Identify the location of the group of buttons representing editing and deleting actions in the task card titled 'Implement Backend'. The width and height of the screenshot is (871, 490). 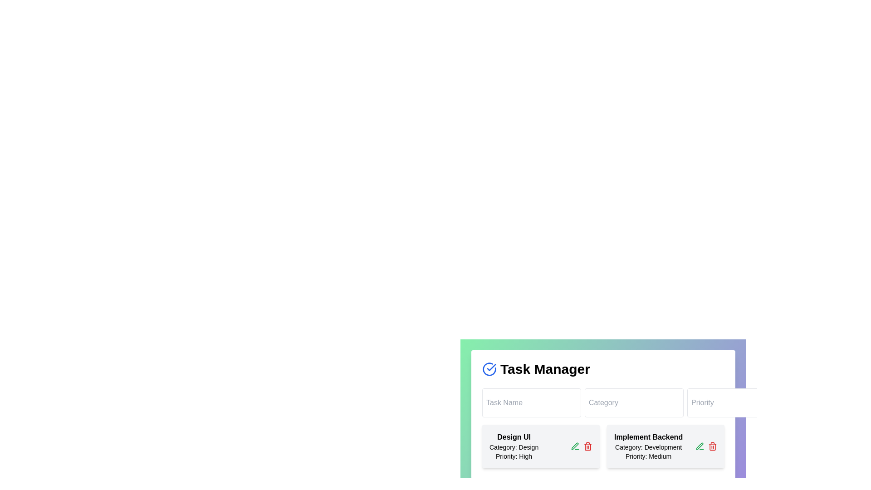
(705, 446).